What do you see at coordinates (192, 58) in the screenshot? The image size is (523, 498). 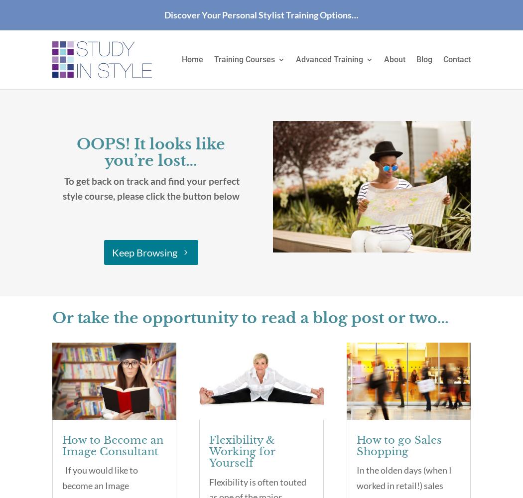 I see `'Home'` at bounding box center [192, 58].